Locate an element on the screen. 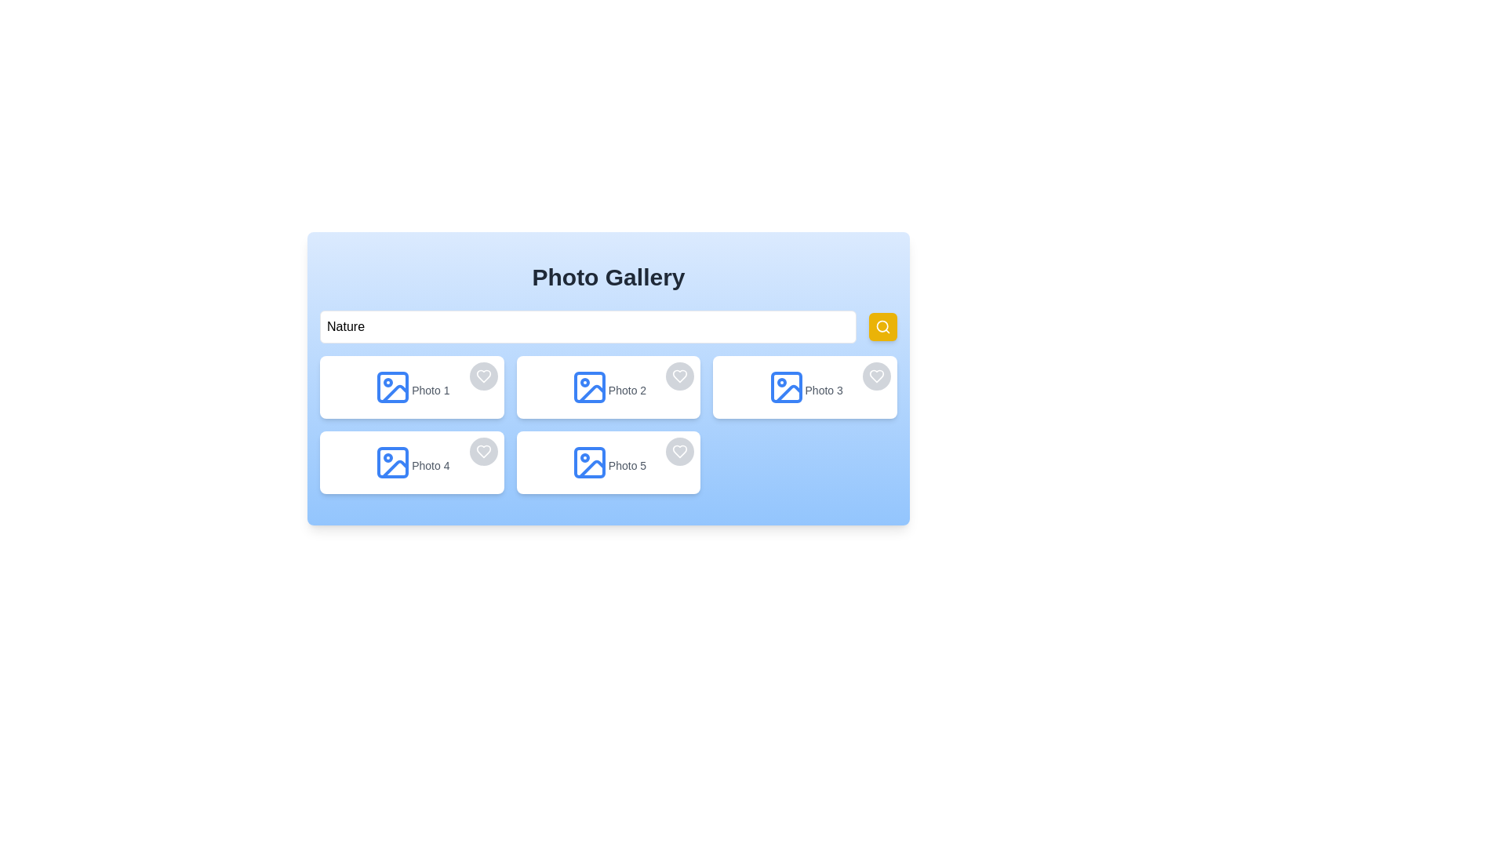  the search button located to the right of the search input field to initiate a search is located at coordinates (883, 325).